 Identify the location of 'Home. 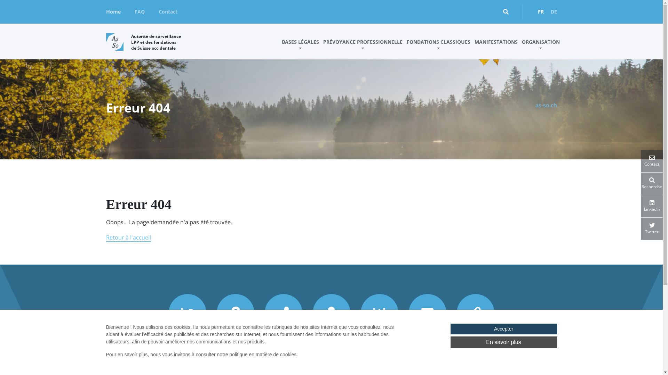
(113, 12).